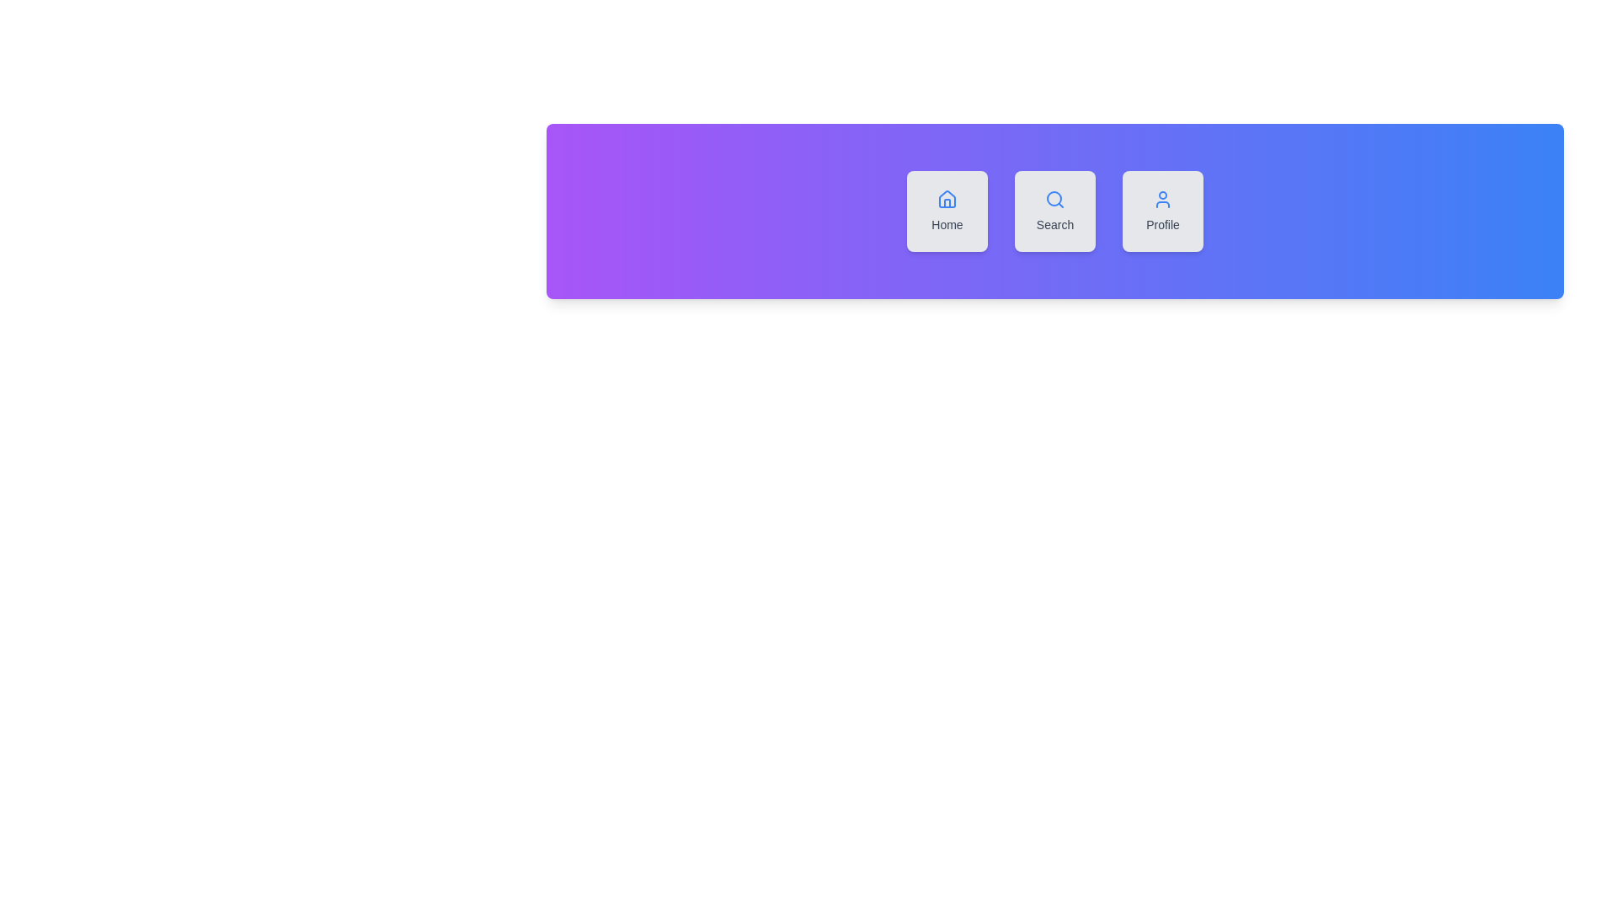 The width and height of the screenshot is (1617, 910). I want to click on the 'Home' text label element, which is a small gray label located below the blue home icon in the navigation bar, so click(947, 223).